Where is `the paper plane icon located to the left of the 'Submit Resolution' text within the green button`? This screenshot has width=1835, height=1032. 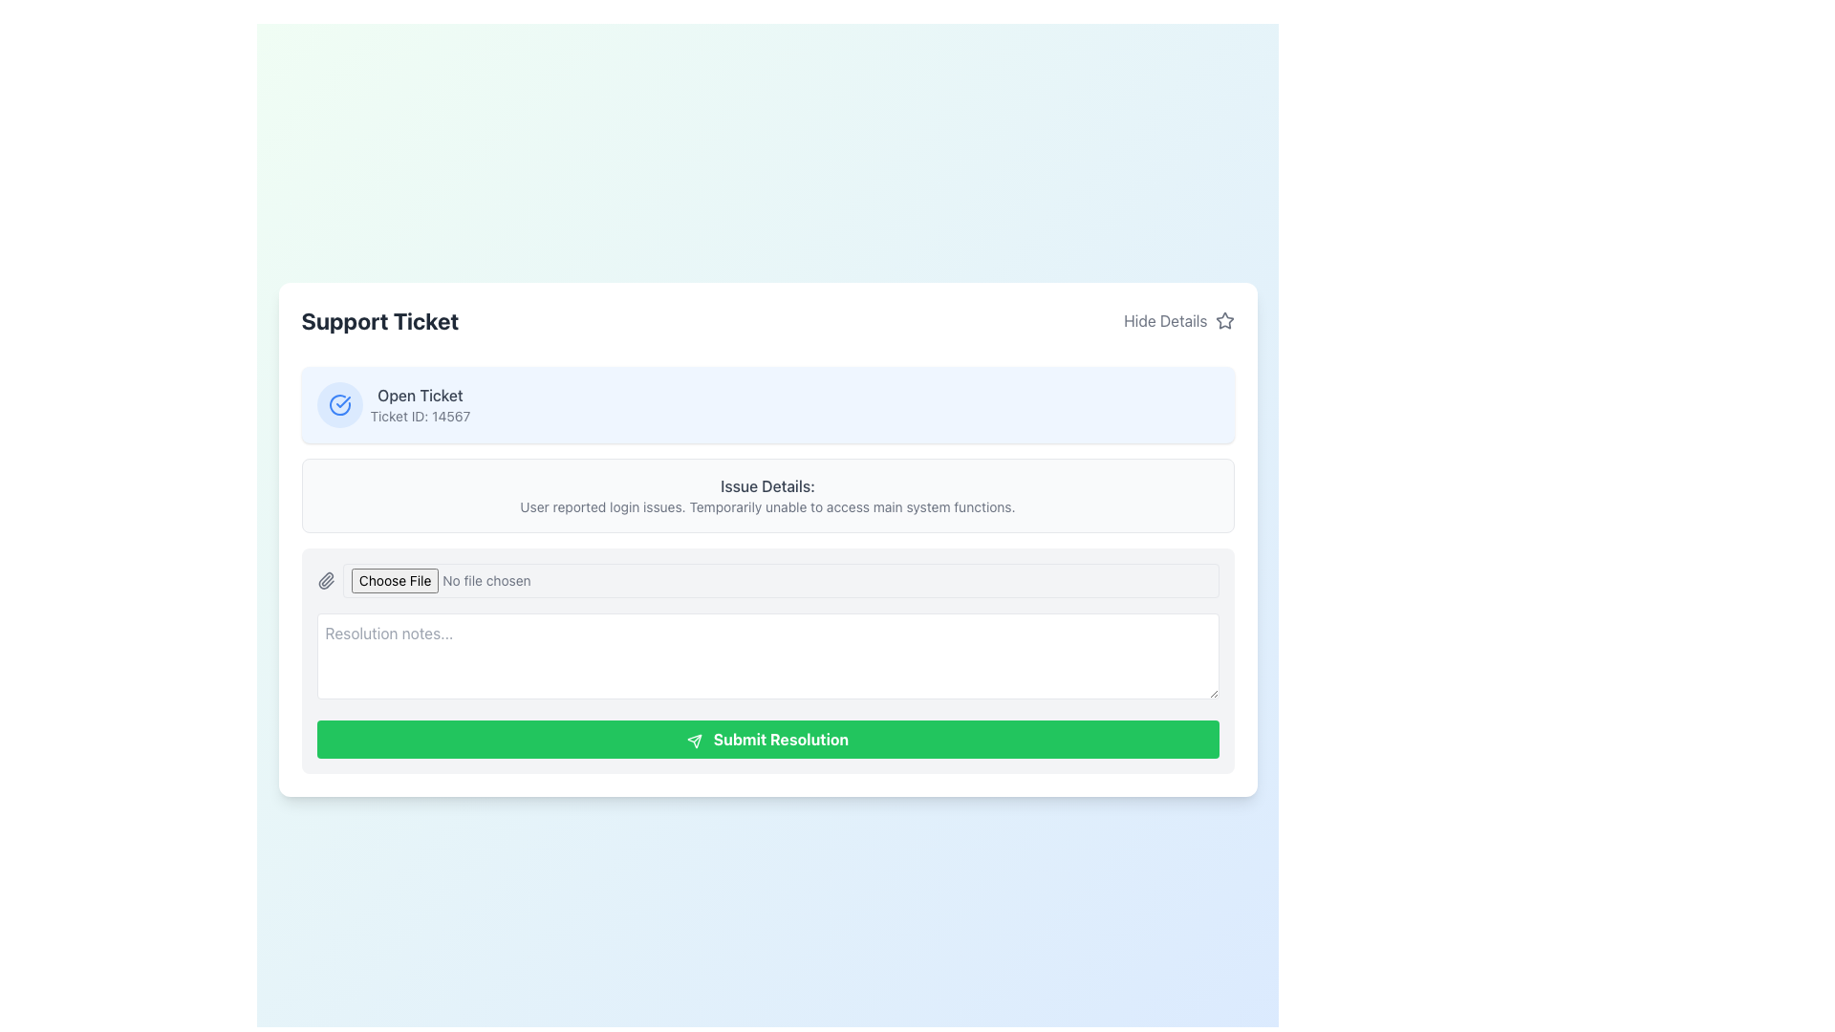
the paper plane icon located to the left of the 'Submit Resolution' text within the green button is located at coordinates (693, 740).